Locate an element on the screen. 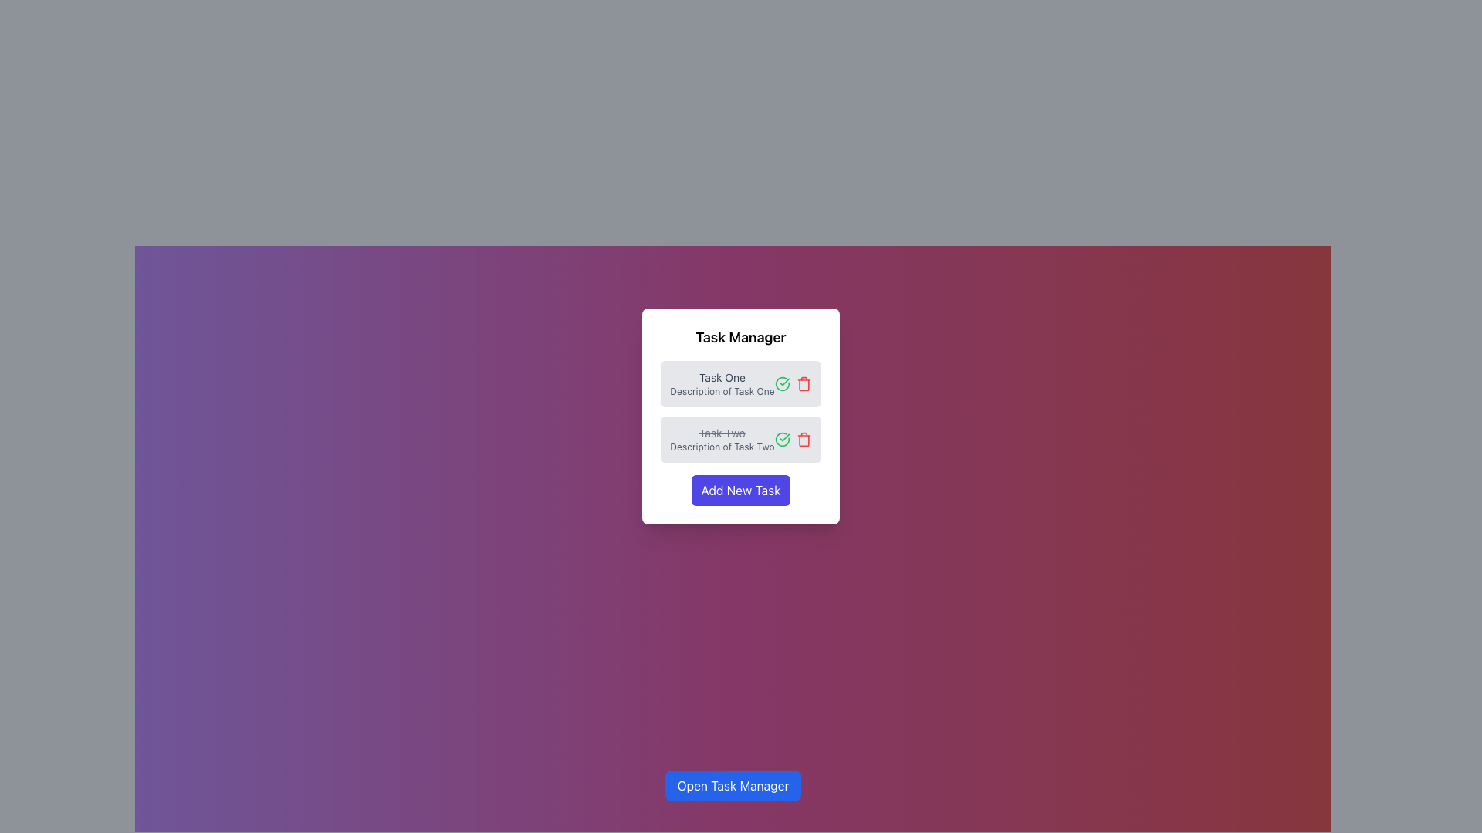 This screenshot has width=1482, height=833. the completion indicator icon button located in the second row of the task manager interface to mark the task as complete is located at coordinates (782, 440).